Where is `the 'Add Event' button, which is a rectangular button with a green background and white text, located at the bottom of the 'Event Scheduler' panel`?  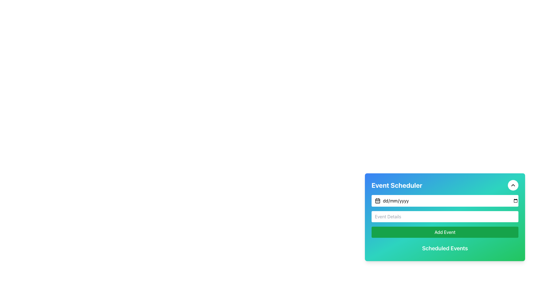 the 'Add Event' button, which is a rectangular button with a green background and white text, located at the bottom of the 'Event Scheduler' panel is located at coordinates (444, 232).